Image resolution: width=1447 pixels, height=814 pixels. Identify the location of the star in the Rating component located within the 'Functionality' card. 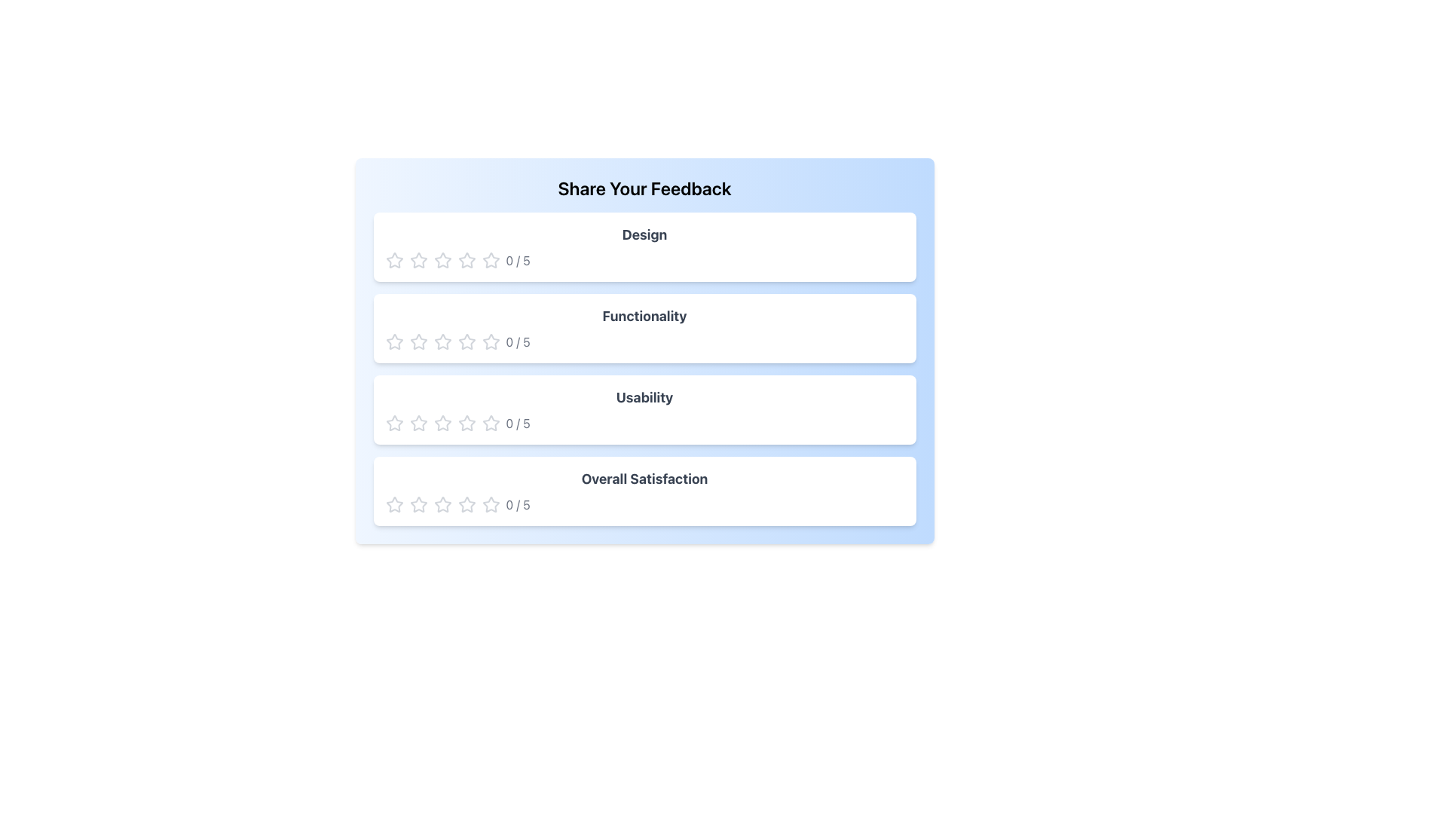
(644, 342).